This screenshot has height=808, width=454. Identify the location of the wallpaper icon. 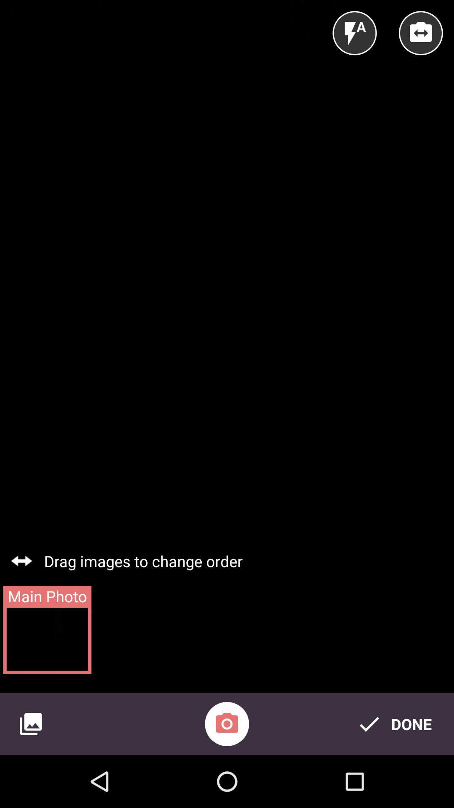
(30, 723).